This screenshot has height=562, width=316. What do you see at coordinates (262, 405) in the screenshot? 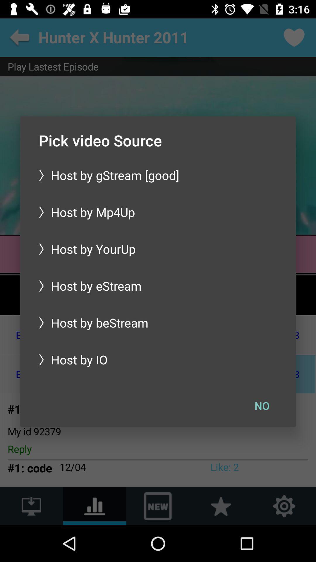
I see `no at the bottom right corner` at bounding box center [262, 405].